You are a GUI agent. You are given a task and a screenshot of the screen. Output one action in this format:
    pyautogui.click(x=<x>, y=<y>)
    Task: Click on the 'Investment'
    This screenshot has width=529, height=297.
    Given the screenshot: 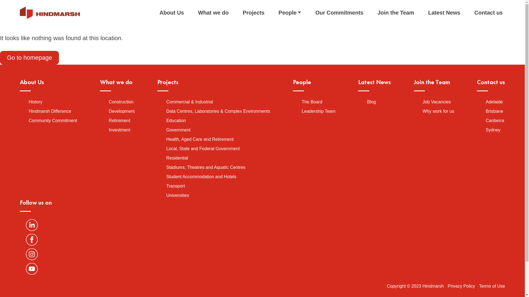 What is the action you would take?
    pyautogui.click(x=119, y=130)
    